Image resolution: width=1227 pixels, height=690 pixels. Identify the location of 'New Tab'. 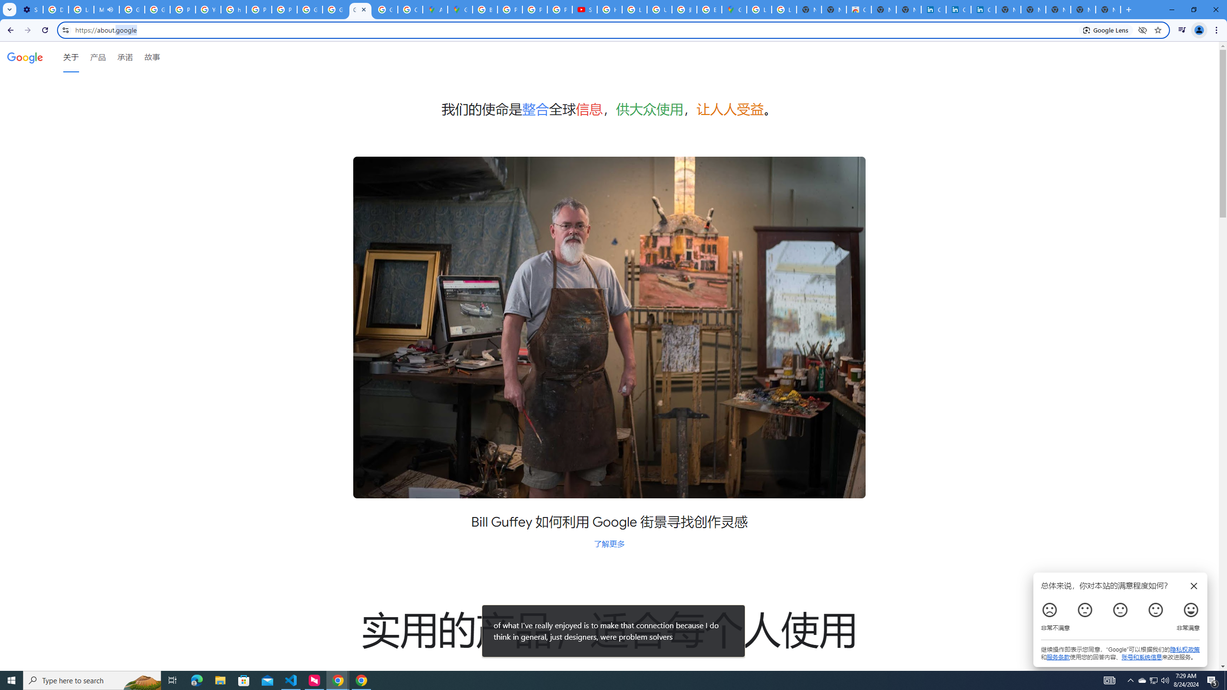
(1108, 9).